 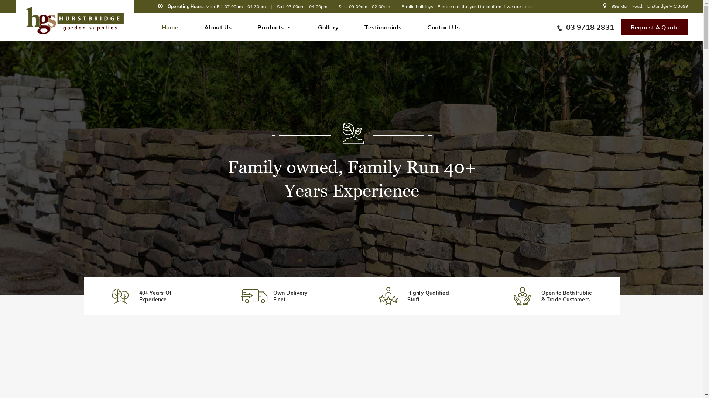 I want to click on 'Request A Quote', so click(x=654, y=27).